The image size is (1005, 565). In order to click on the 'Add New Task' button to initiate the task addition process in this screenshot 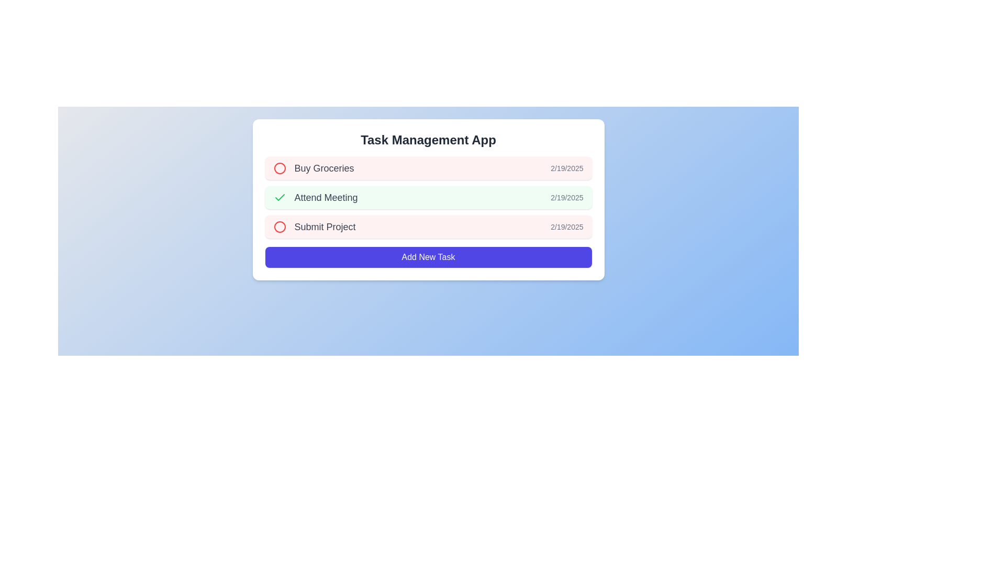, I will do `click(428, 257)`.